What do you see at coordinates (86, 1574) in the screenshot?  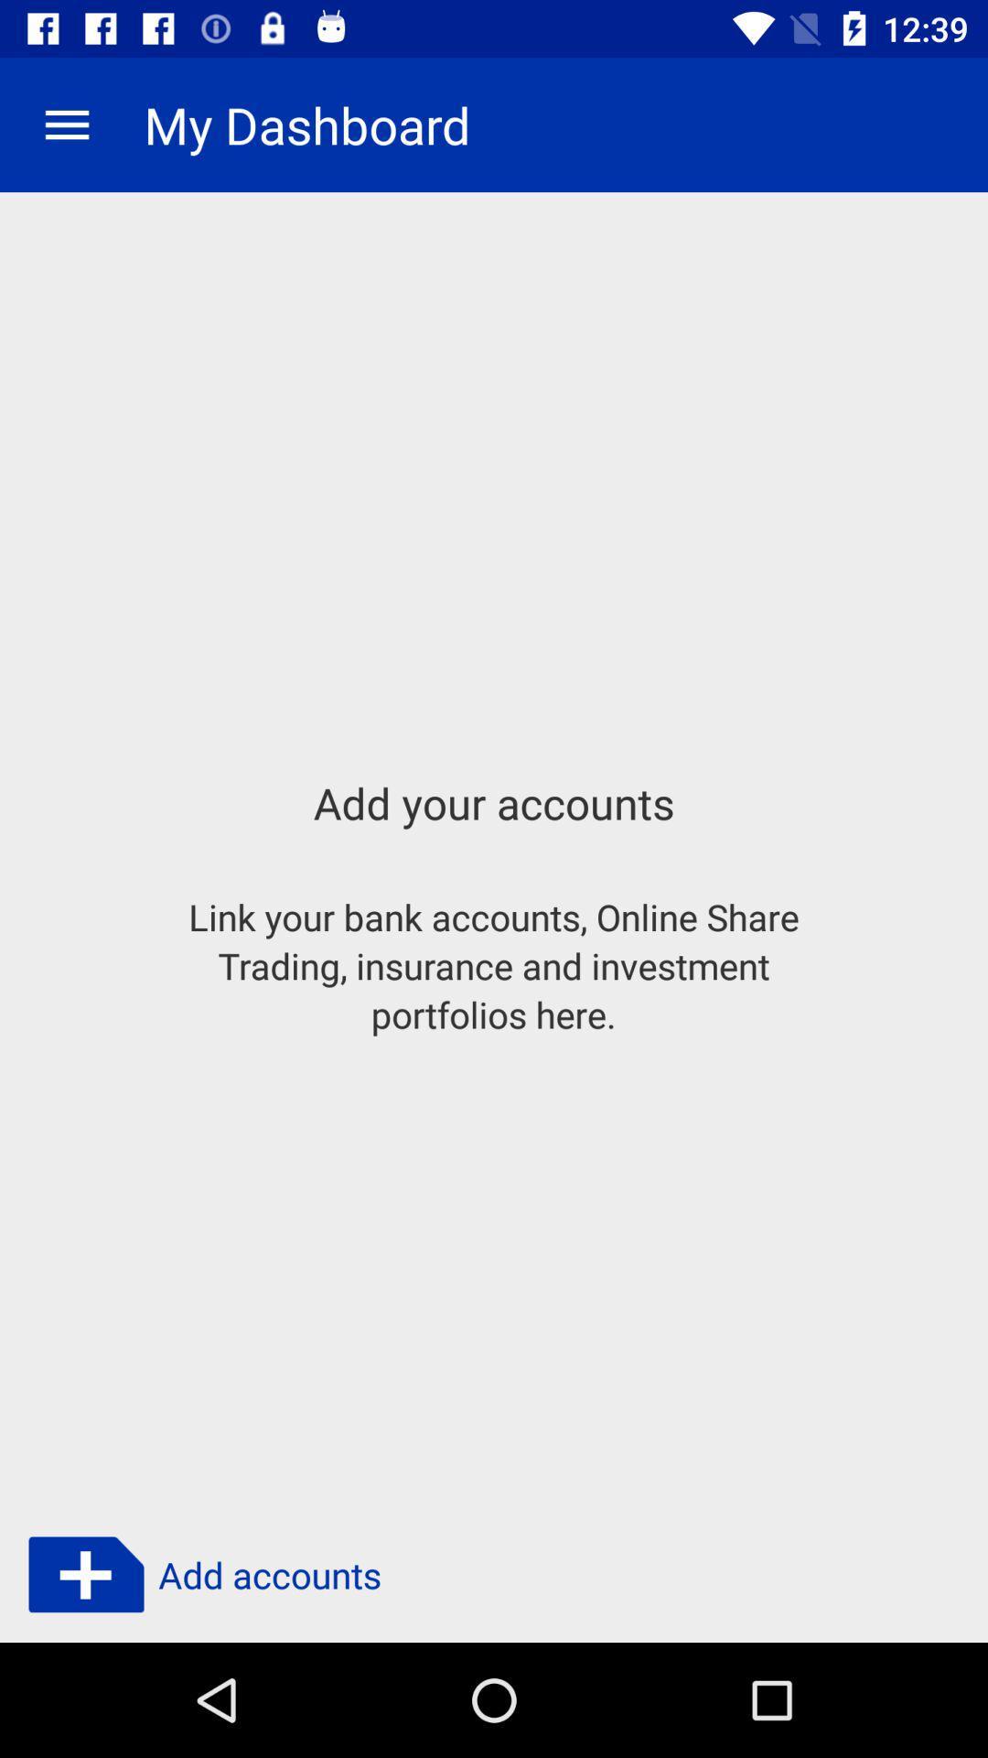 I see `an account` at bounding box center [86, 1574].